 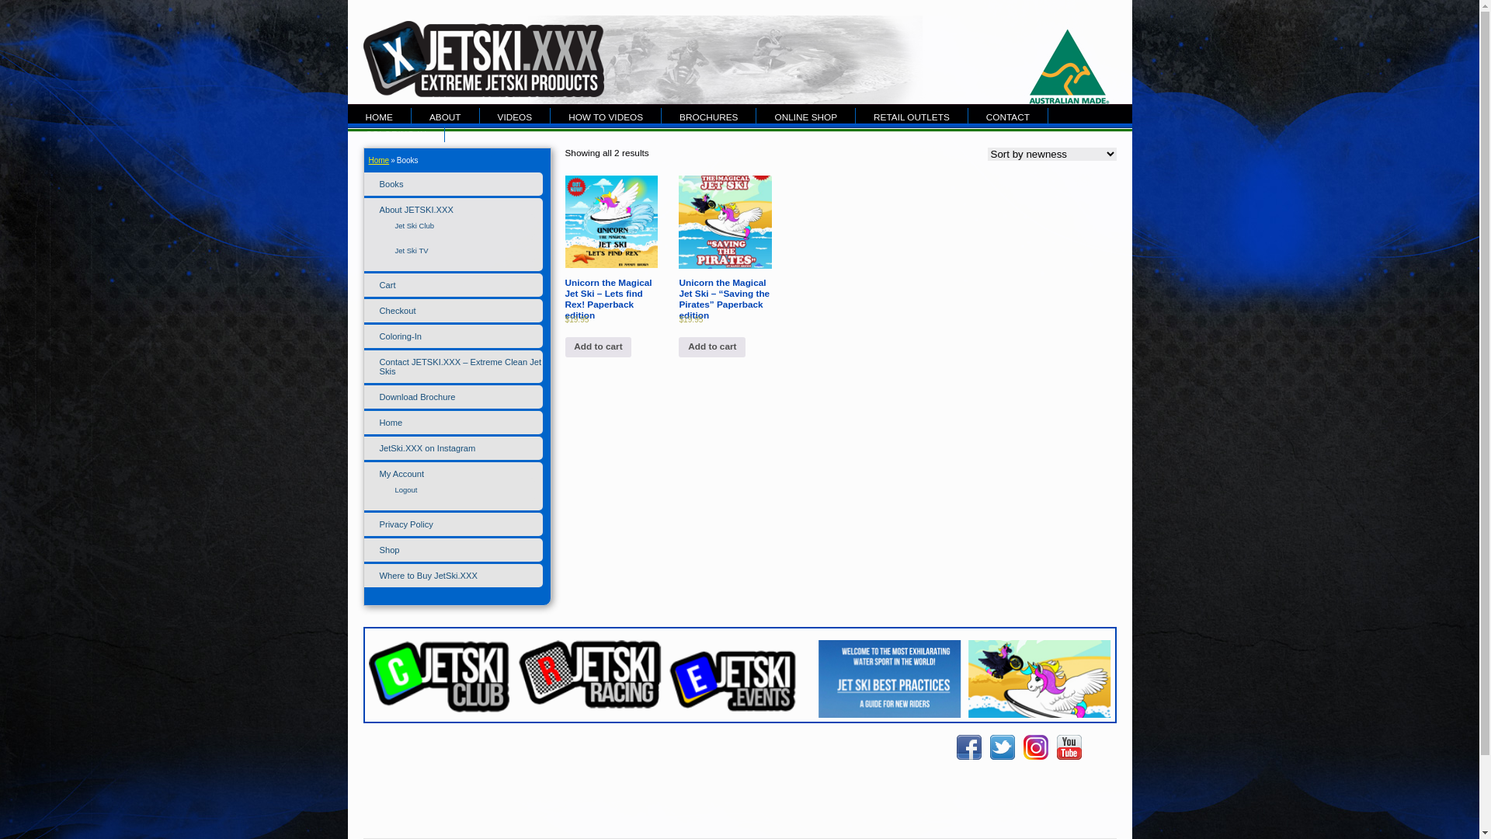 I want to click on 'Jet Ski Events', so click(x=739, y=713).